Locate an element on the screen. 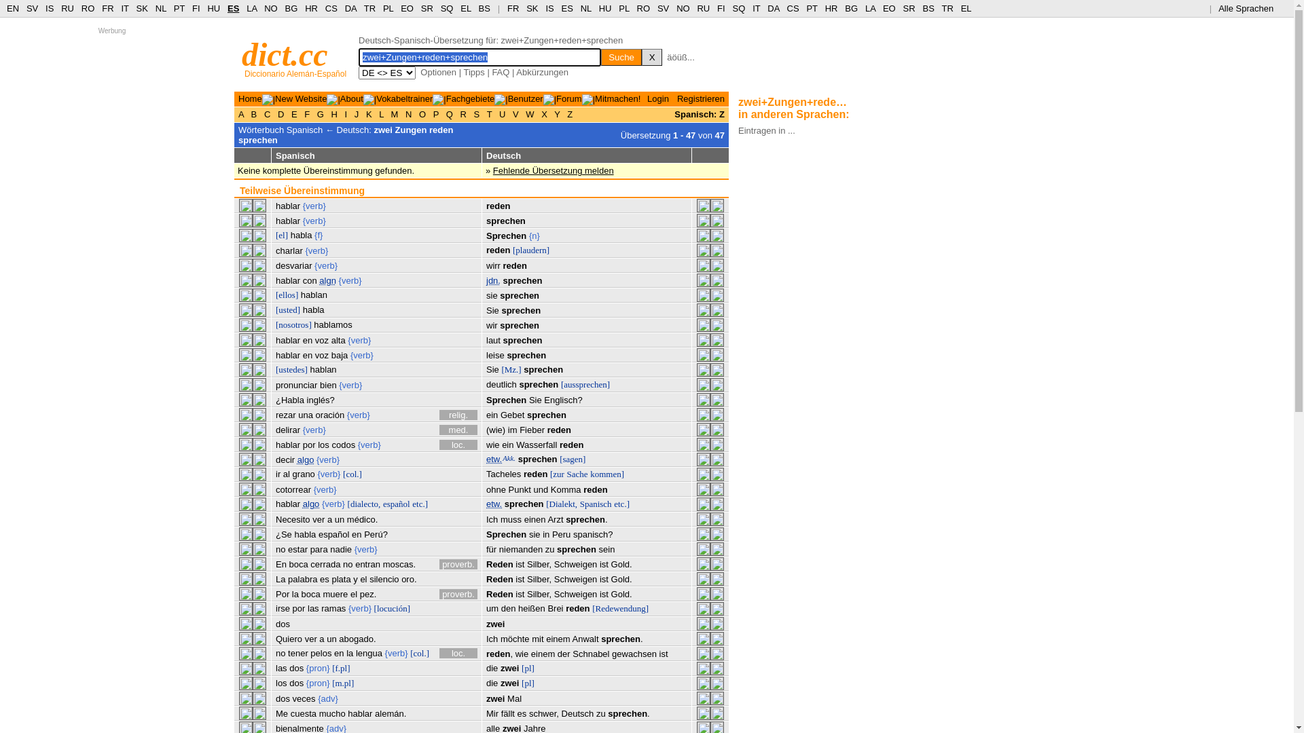 The width and height of the screenshot is (1304, 733). 'etw.' is located at coordinates (493, 458).